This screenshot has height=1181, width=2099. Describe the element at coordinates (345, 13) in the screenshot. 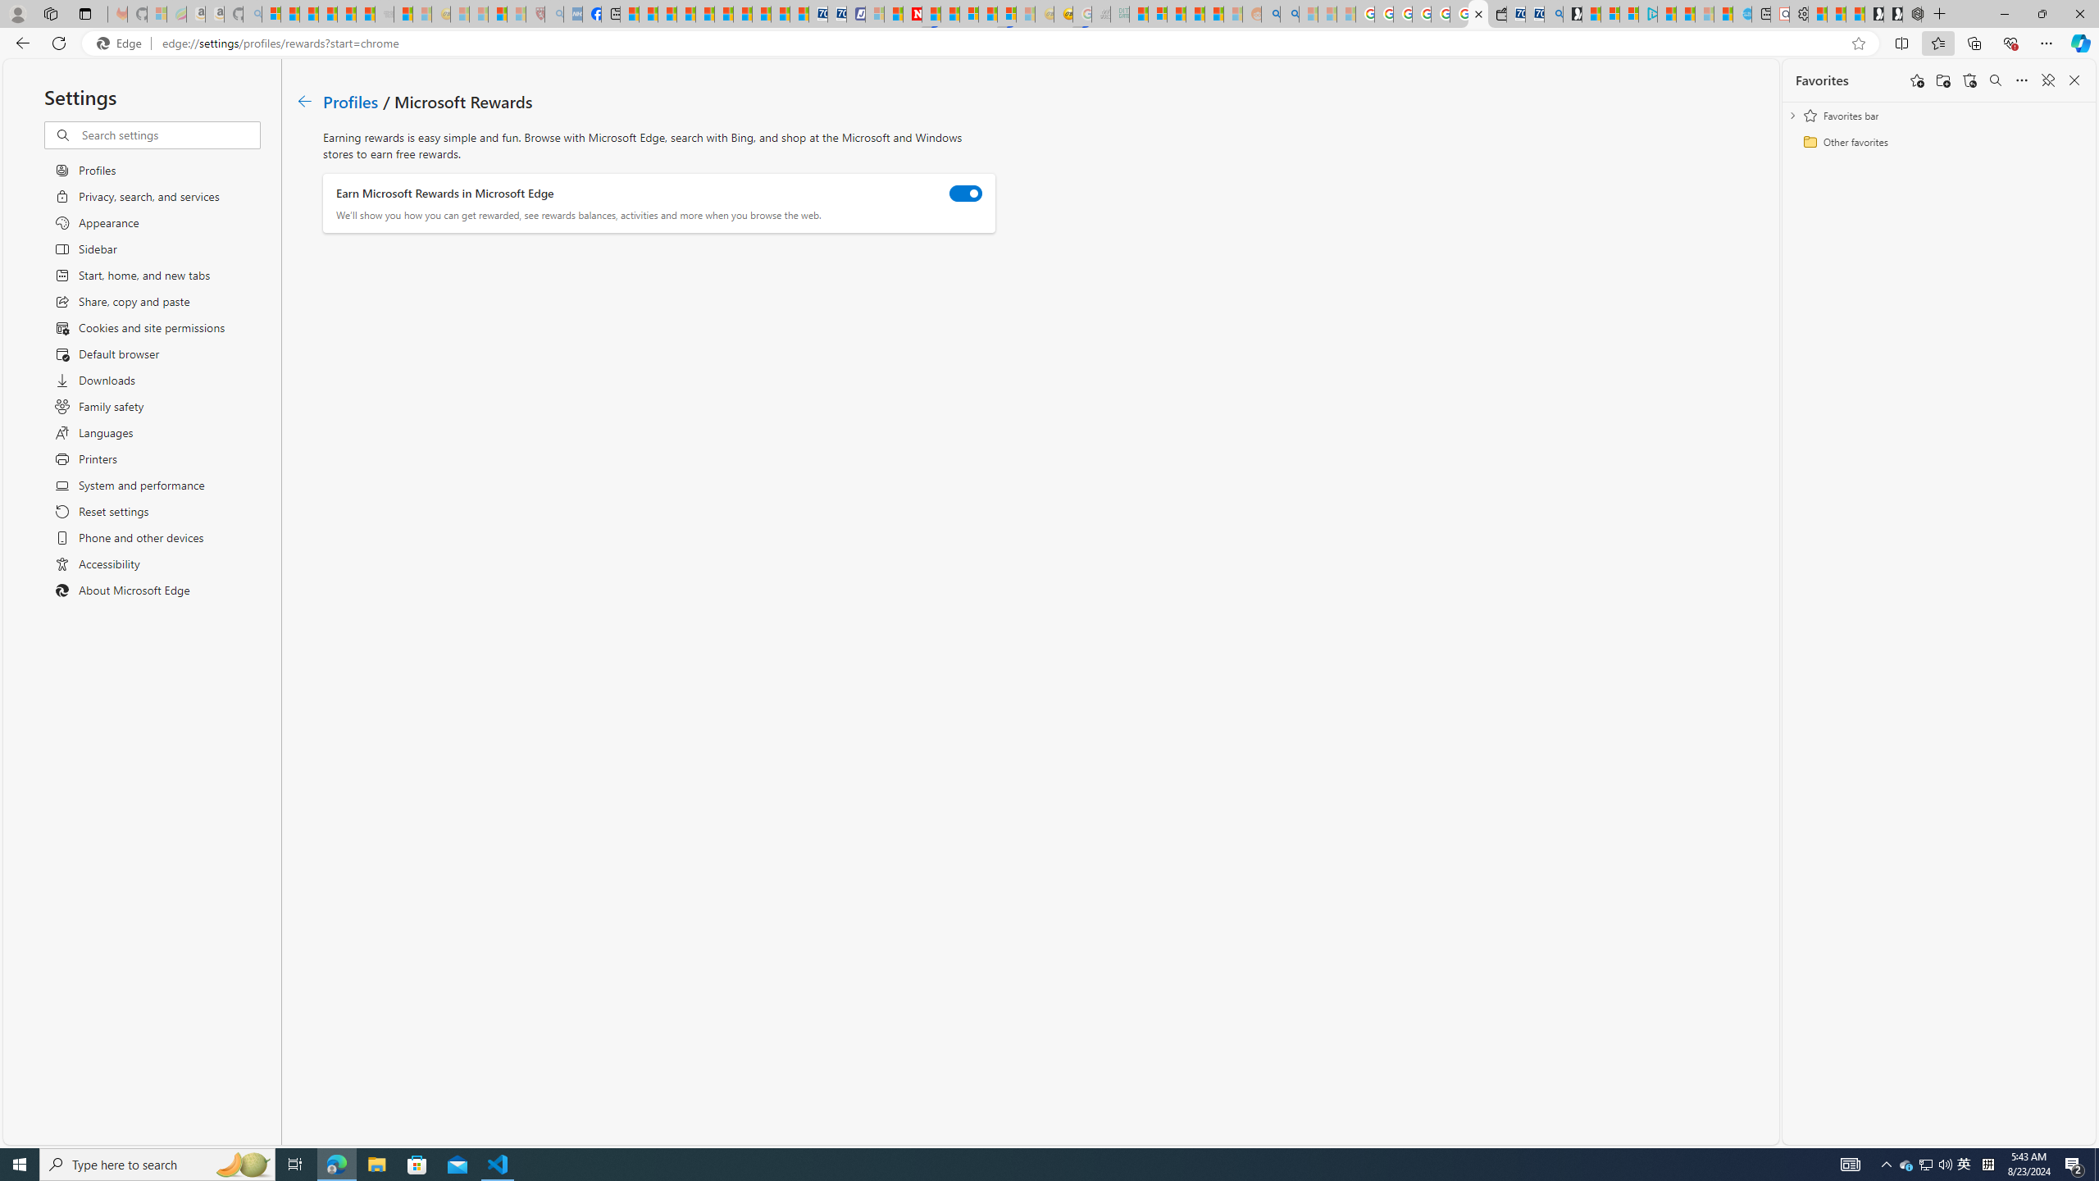

I see `'New Report Confirms 2023 Was Record Hot | Watch'` at that location.